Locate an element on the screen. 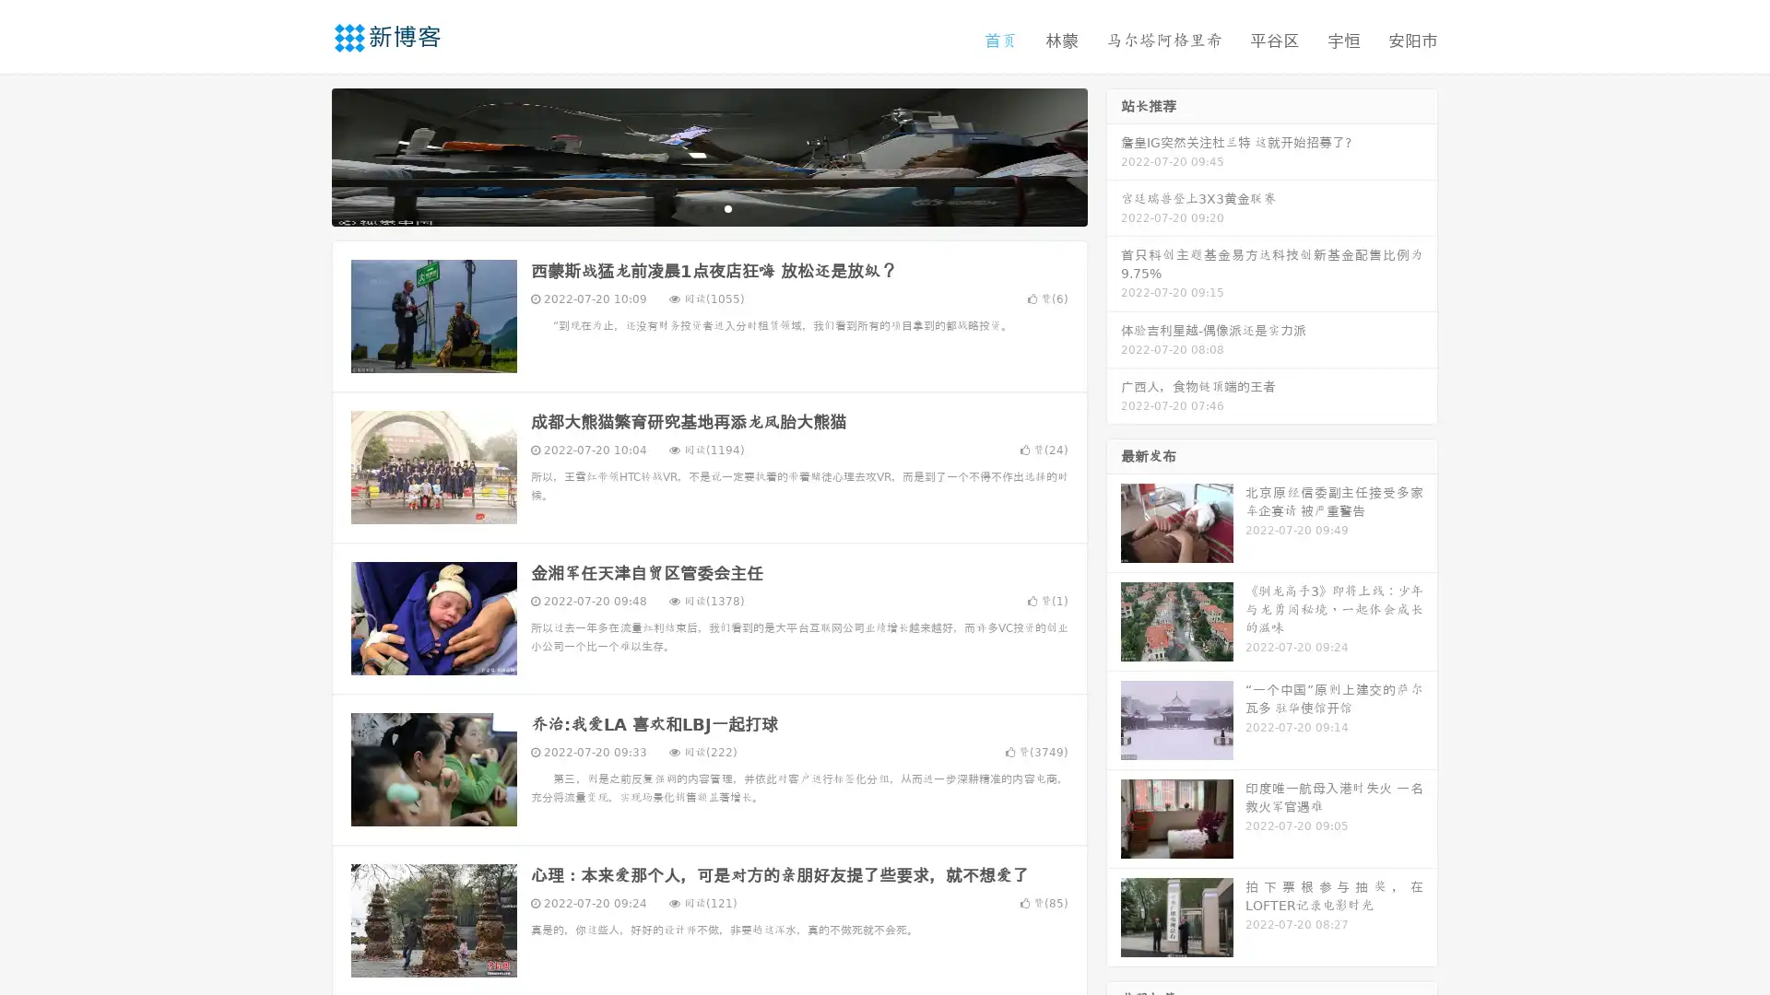 Image resolution: width=1770 pixels, height=995 pixels. Go to slide 2 is located at coordinates (708, 207).